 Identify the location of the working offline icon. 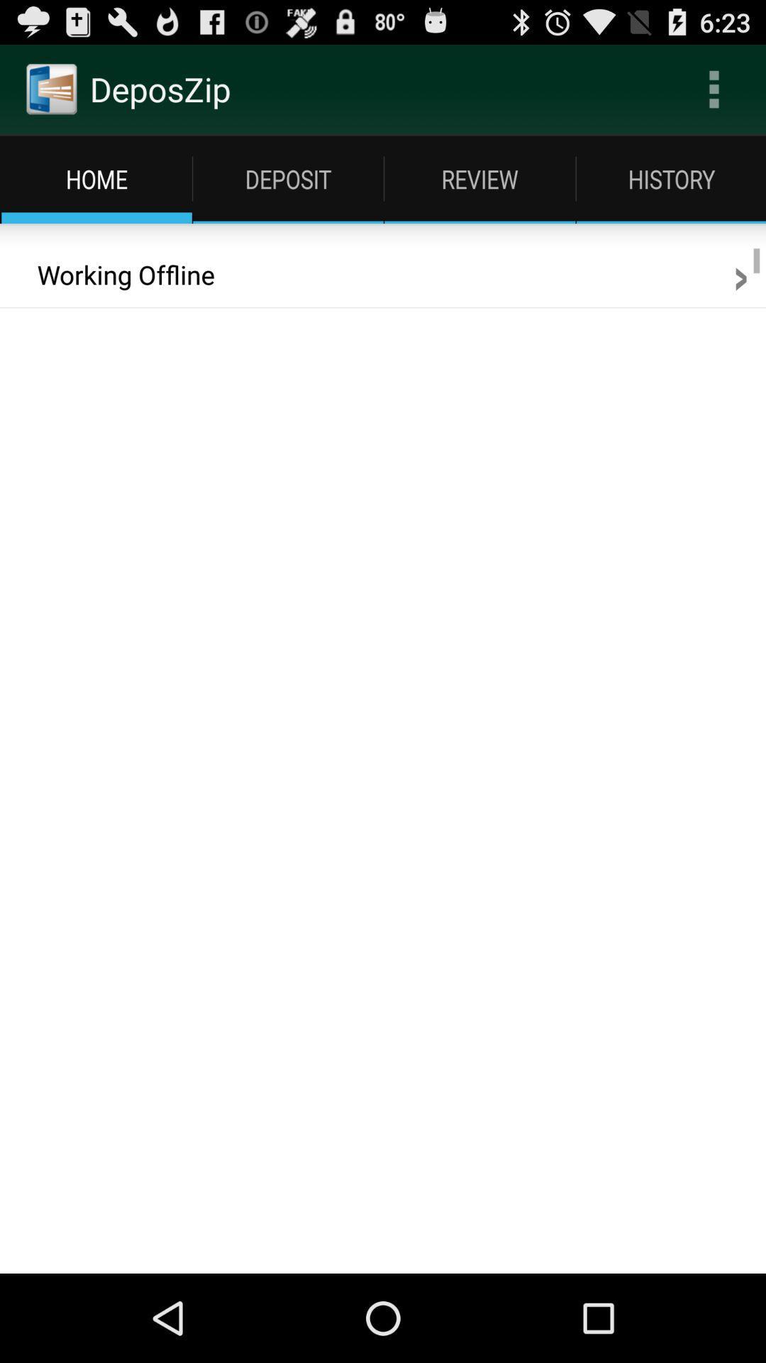
(116, 275).